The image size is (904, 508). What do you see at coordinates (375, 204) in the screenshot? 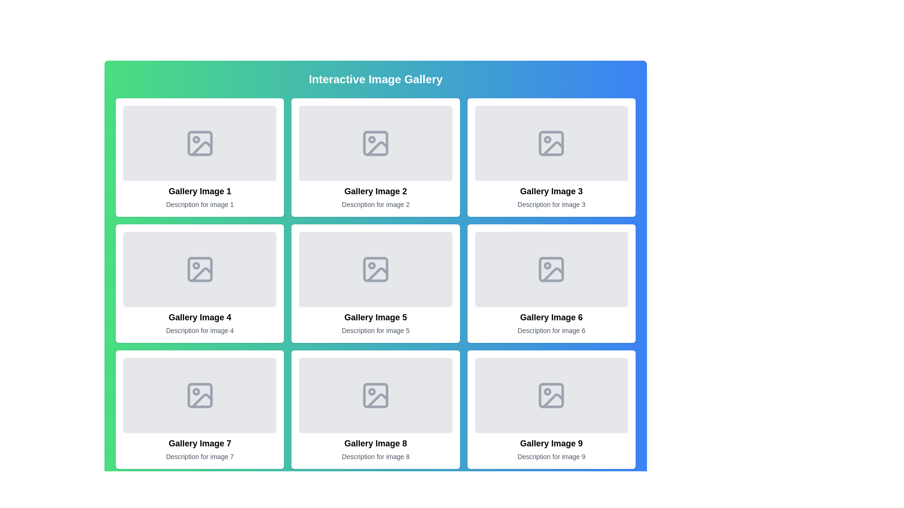
I see `the descriptive text label that reads 'Description for image 2'` at bounding box center [375, 204].